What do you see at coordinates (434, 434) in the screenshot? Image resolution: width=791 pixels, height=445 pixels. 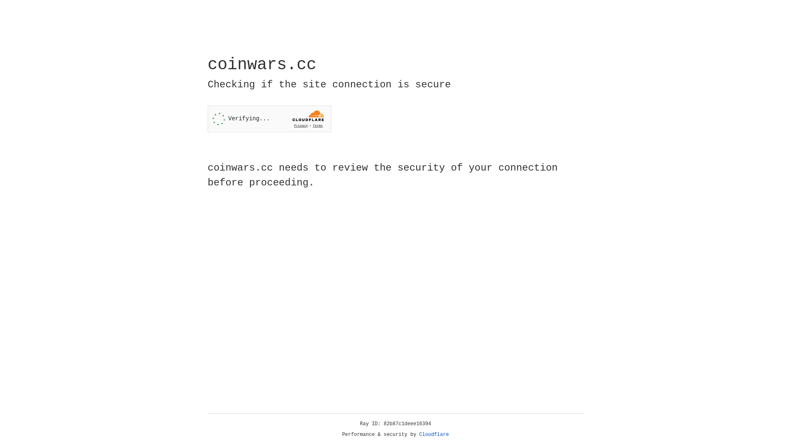 I see `'Cloudflare'` at bounding box center [434, 434].